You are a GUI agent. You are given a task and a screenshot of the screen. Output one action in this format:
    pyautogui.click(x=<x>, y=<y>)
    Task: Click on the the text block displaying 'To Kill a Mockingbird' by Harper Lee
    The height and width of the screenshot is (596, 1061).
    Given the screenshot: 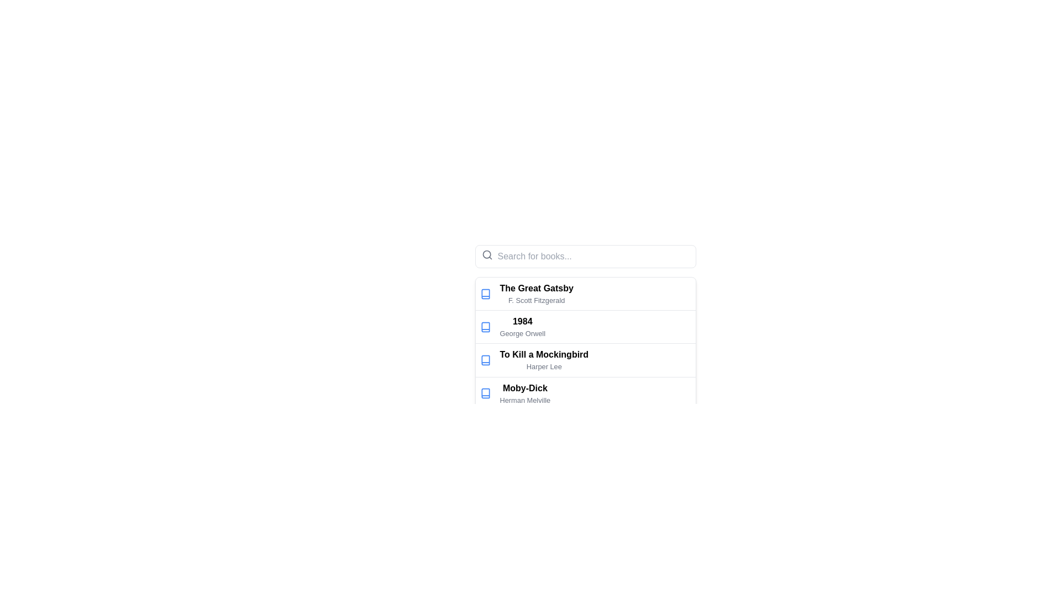 What is the action you would take?
    pyautogui.click(x=544, y=360)
    